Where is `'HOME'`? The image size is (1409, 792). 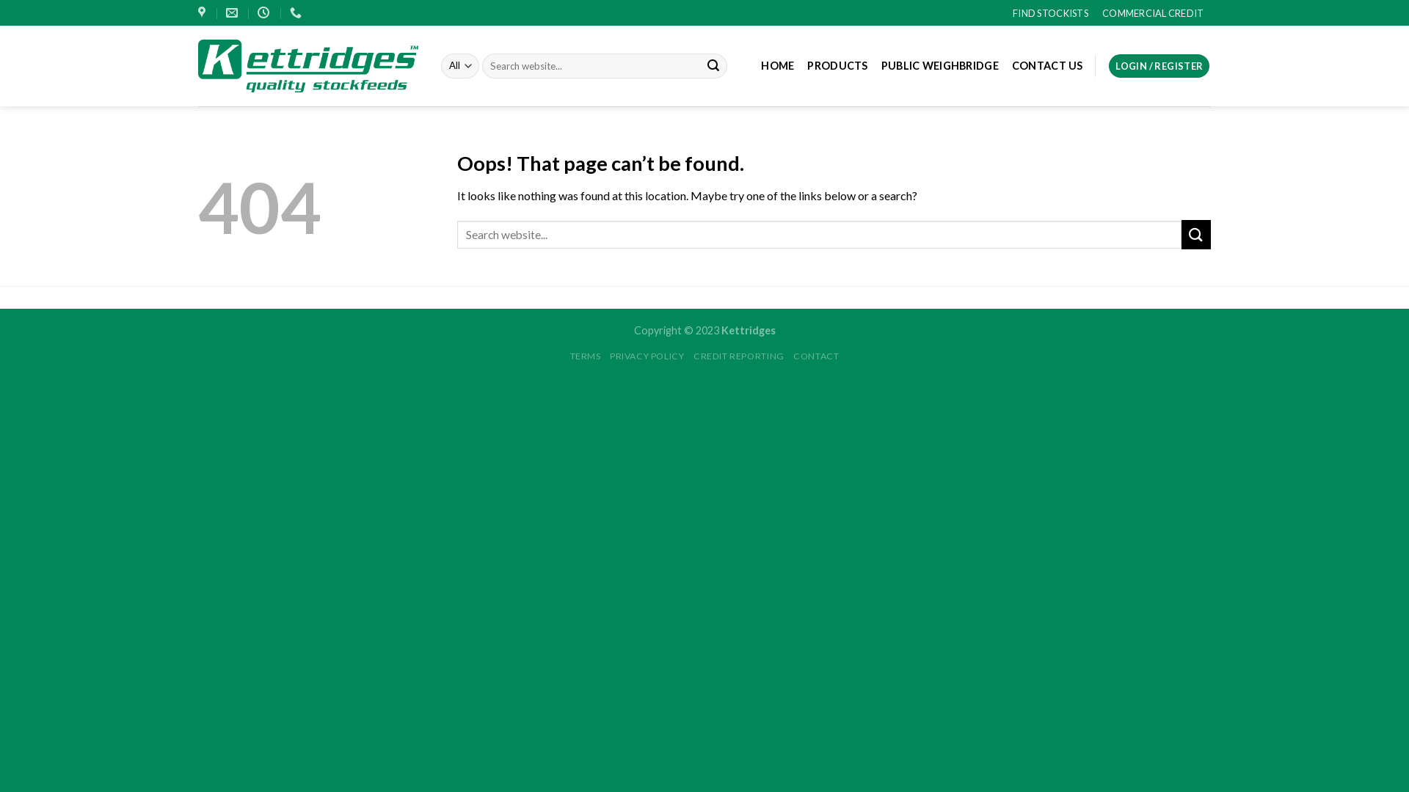 'HOME' is located at coordinates (776, 65).